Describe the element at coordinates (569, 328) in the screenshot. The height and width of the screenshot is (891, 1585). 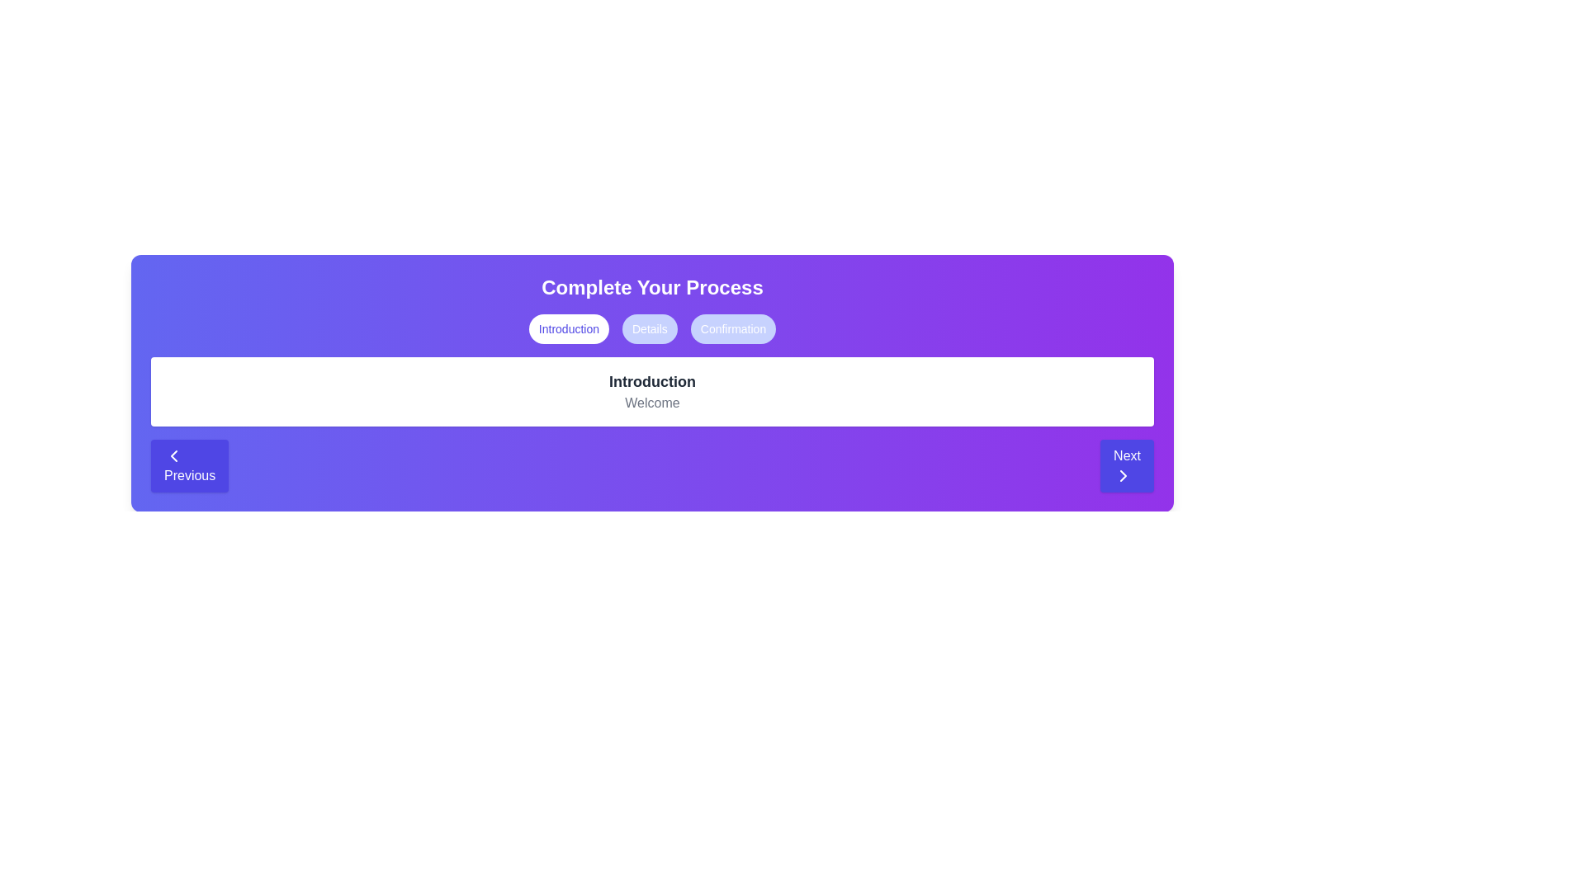
I see `the 'Introduction' step indicator button, which is the first button among three displayed horizontally under the title 'Complete Your Process'` at that location.